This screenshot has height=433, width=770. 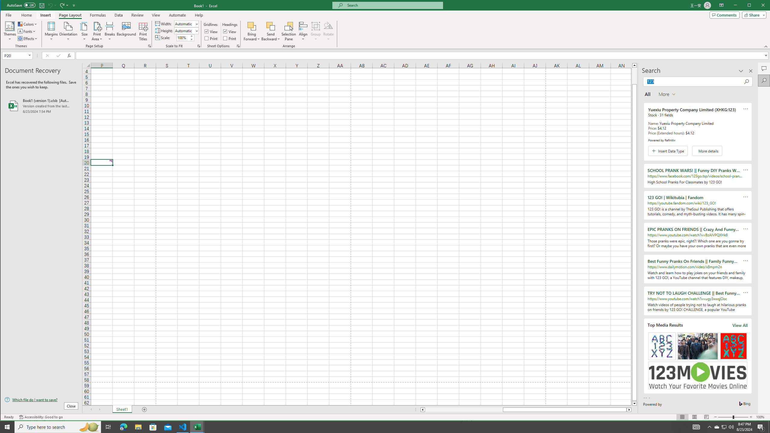 I want to click on 'File Explorer', so click(x=138, y=426).